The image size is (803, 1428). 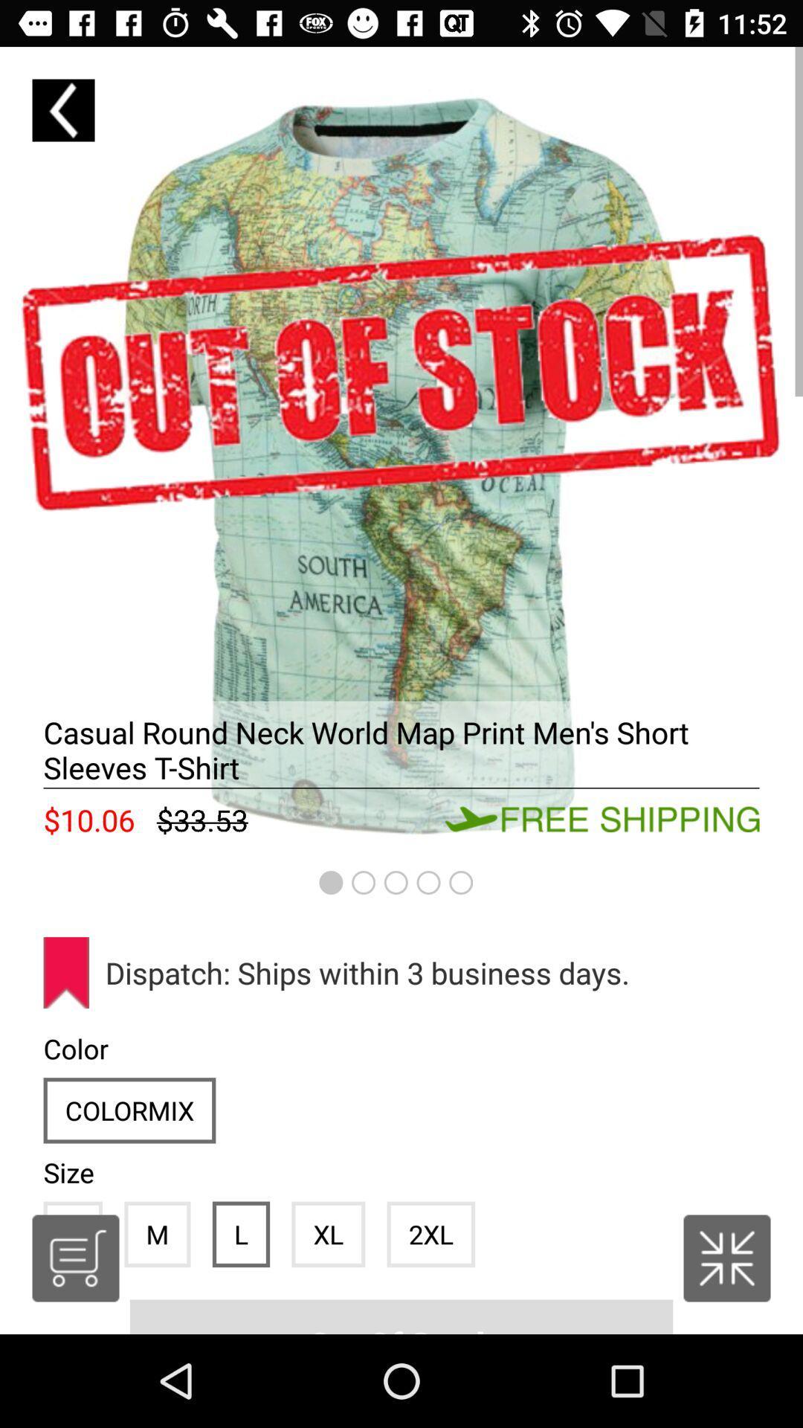 What do you see at coordinates (726, 1258) in the screenshot?
I see `the national_flag icon` at bounding box center [726, 1258].